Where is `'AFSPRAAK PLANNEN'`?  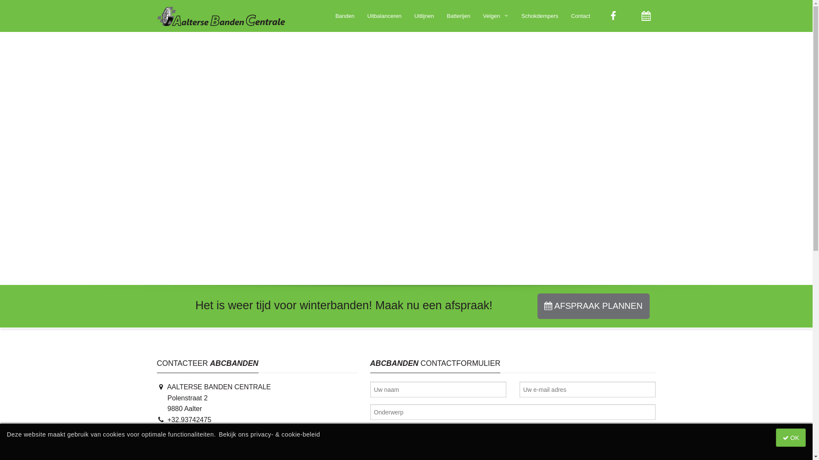 'AFSPRAAK PLANNEN' is located at coordinates (593, 305).